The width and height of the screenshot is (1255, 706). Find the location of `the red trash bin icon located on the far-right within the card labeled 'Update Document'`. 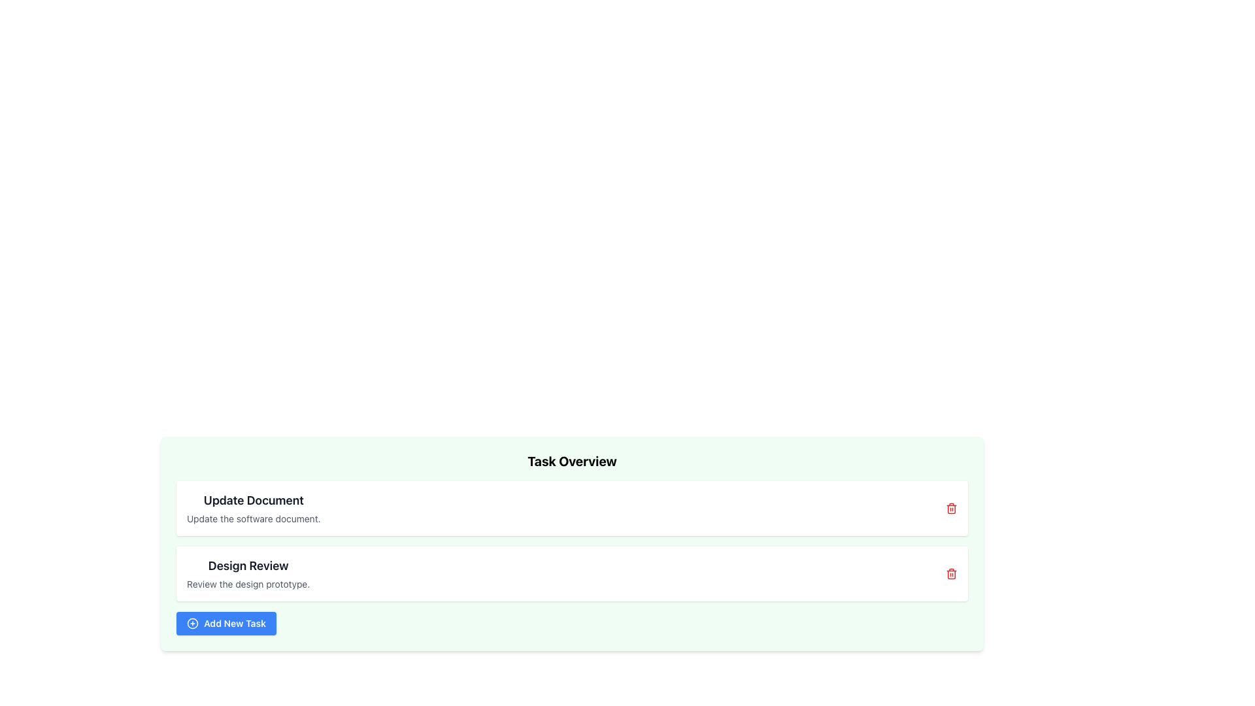

the red trash bin icon located on the far-right within the card labeled 'Update Document' is located at coordinates (951, 508).